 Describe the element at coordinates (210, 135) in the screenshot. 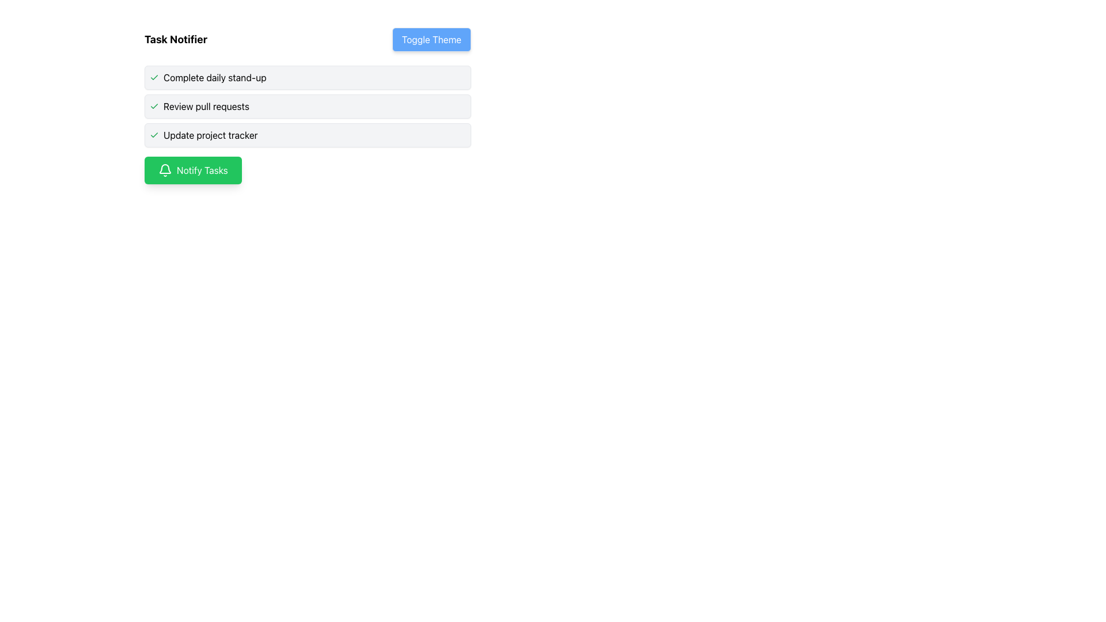

I see `the Text Label that says 'Update project tracker', which is the third item in the task notification list` at that location.